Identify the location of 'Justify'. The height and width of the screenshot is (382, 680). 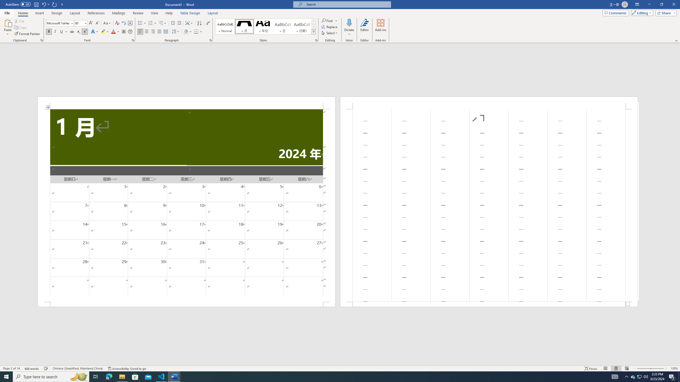
(159, 31).